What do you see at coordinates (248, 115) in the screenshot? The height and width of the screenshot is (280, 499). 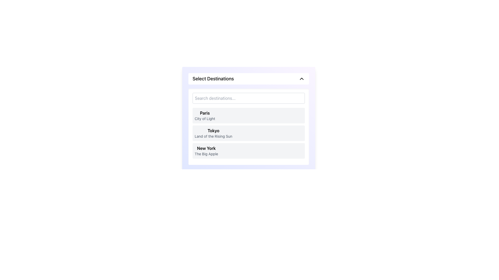 I see `the selectable list item labeled 'Paris' with the subtitle 'City of Light'` at bounding box center [248, 115].